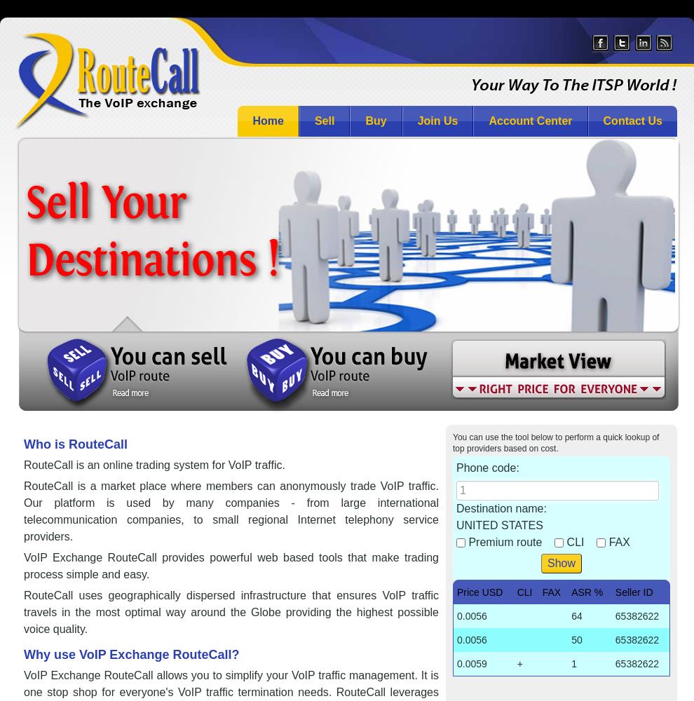 This screenshot has width=694, height=701. What do you see at coordinates (519, 663) in the screenshot?
I see `'+'` at bounding box center [519, 663].